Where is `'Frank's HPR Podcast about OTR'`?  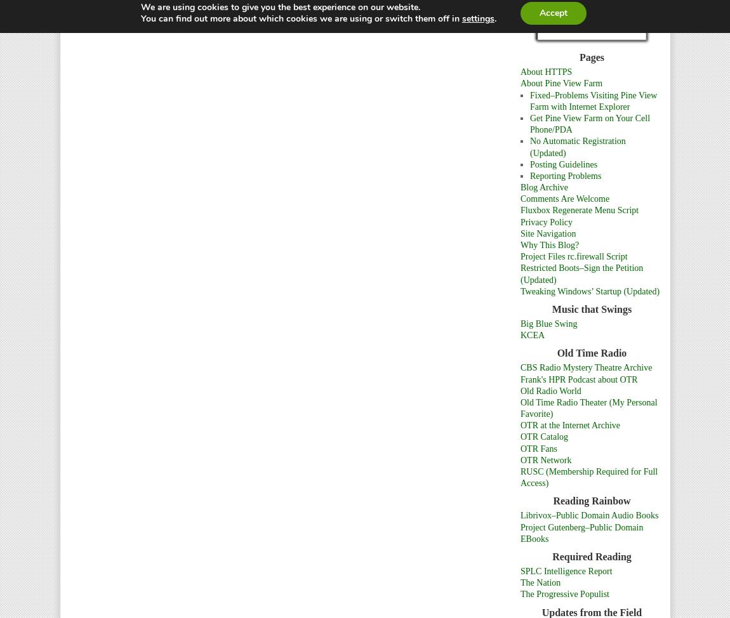
'Frank's HPR Podcast about OTR' is located at coordinates (578, 378).